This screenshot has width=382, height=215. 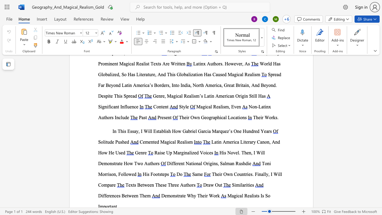 I want to click on the space between the continuous character "i" and "n" in the text, so click(x=201, y=64).